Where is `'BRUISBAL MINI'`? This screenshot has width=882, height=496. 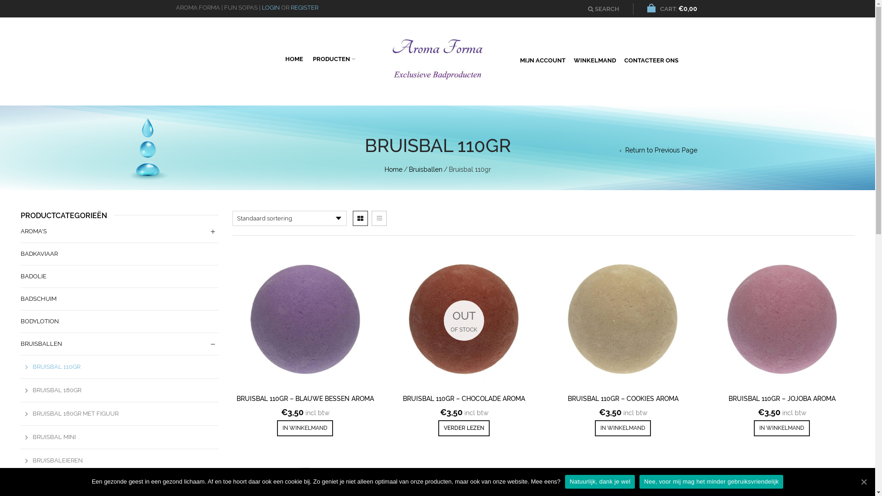
'BRUISBAL MINI' is located at coordinates (48, 437).